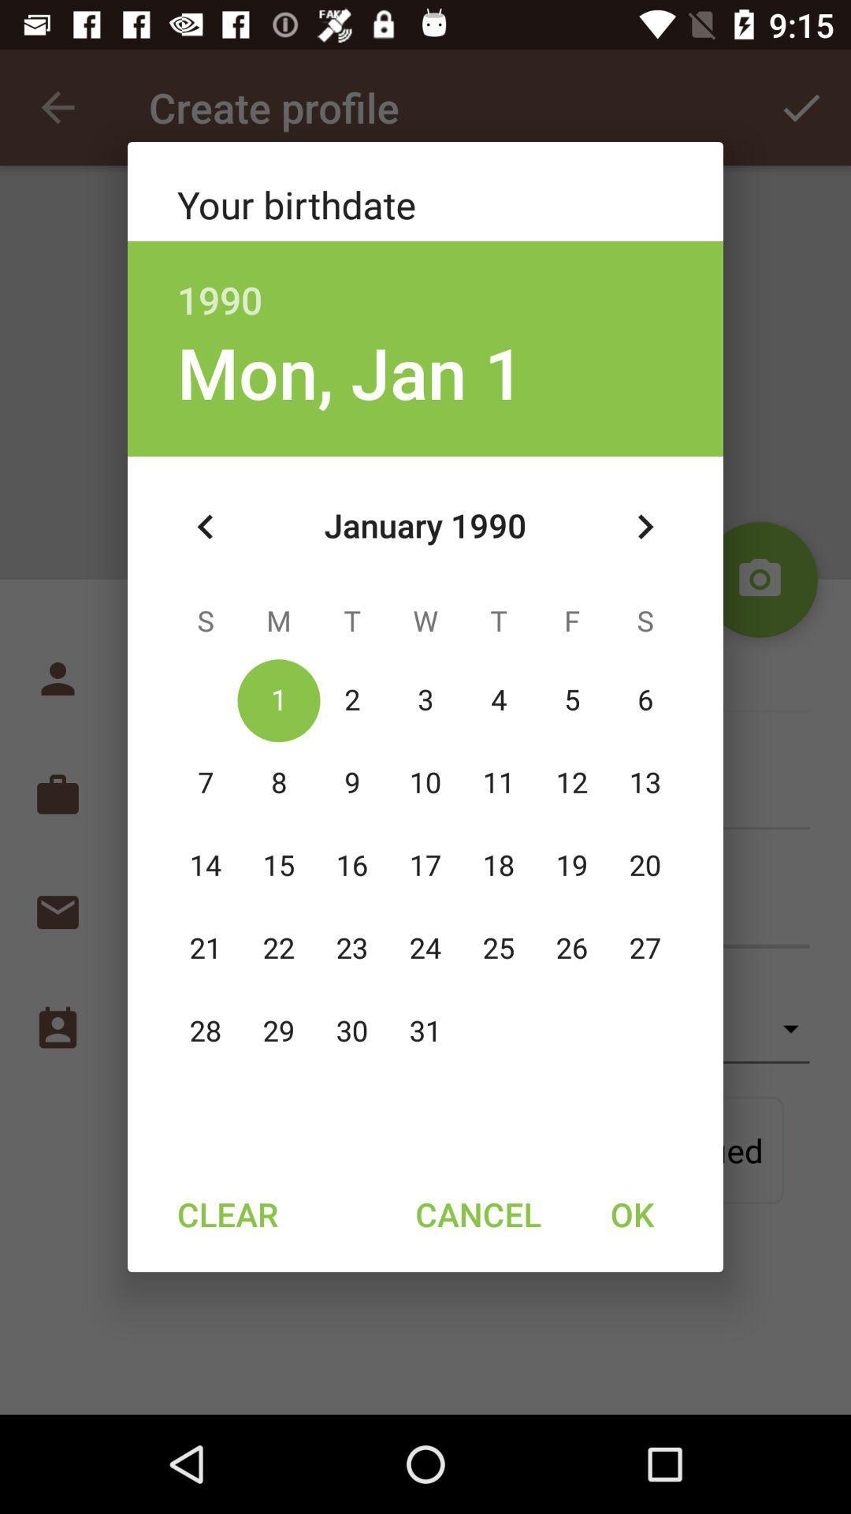 This screenshot has height=1514, width=851. I want to click on cancel, so click(478, 1213).